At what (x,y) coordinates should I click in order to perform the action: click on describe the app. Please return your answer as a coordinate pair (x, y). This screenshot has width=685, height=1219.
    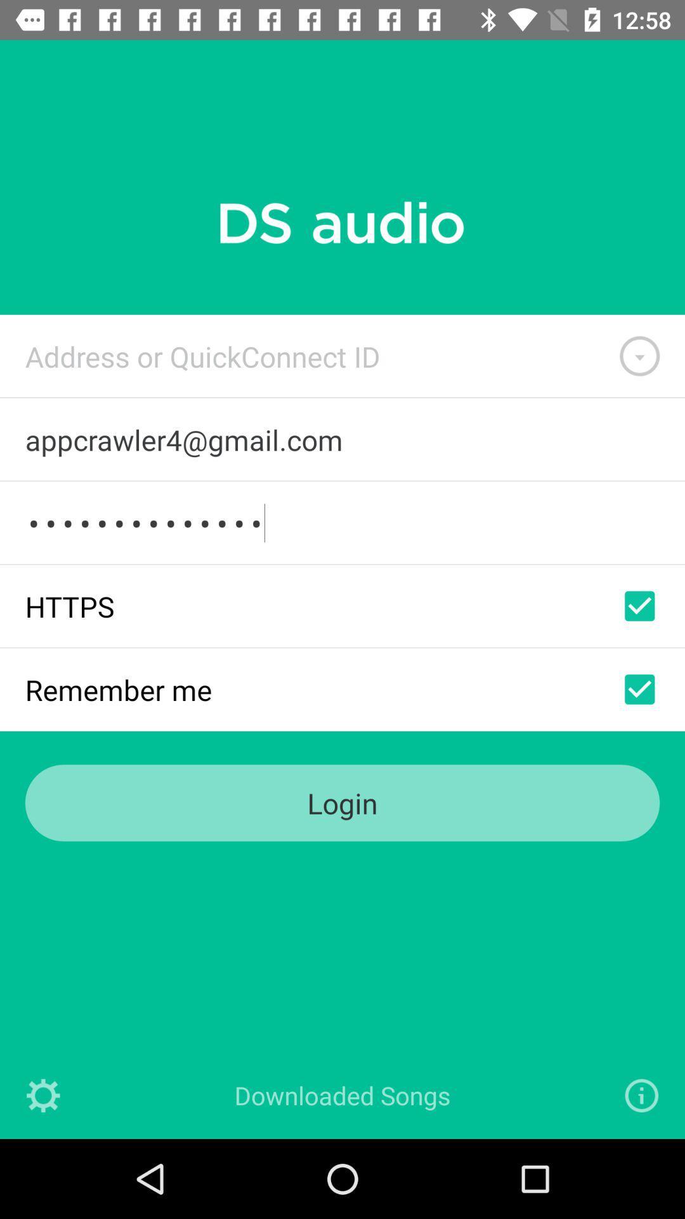
    Looking at the image, I should click on (641, 1095).